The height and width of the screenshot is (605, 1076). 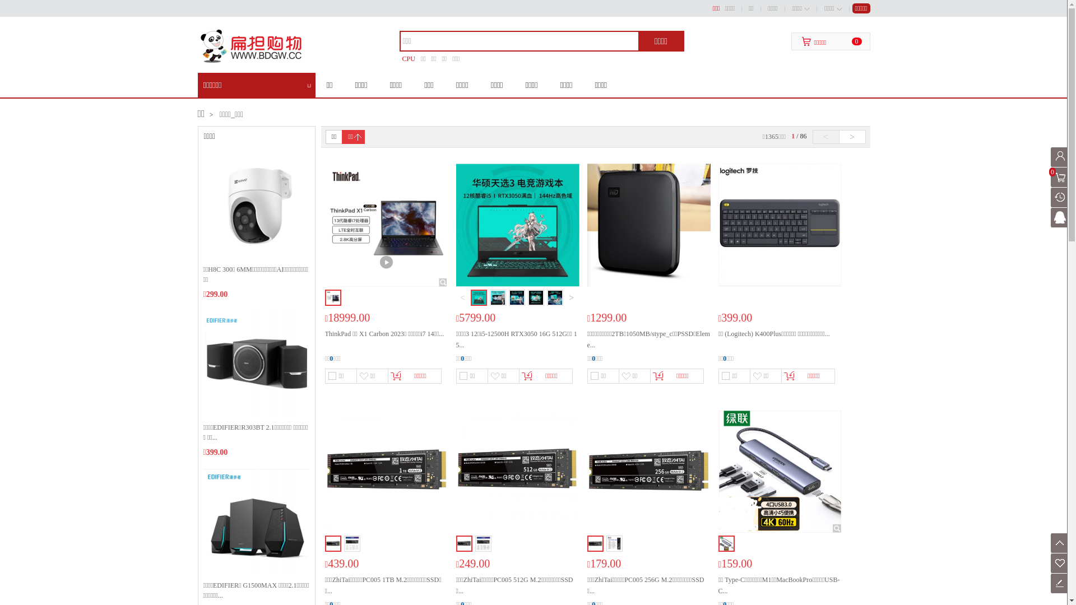 What do you see at coordinates (408, 58) in the screenshot?
I see `'CPU'` at bounding box center [408, 58].